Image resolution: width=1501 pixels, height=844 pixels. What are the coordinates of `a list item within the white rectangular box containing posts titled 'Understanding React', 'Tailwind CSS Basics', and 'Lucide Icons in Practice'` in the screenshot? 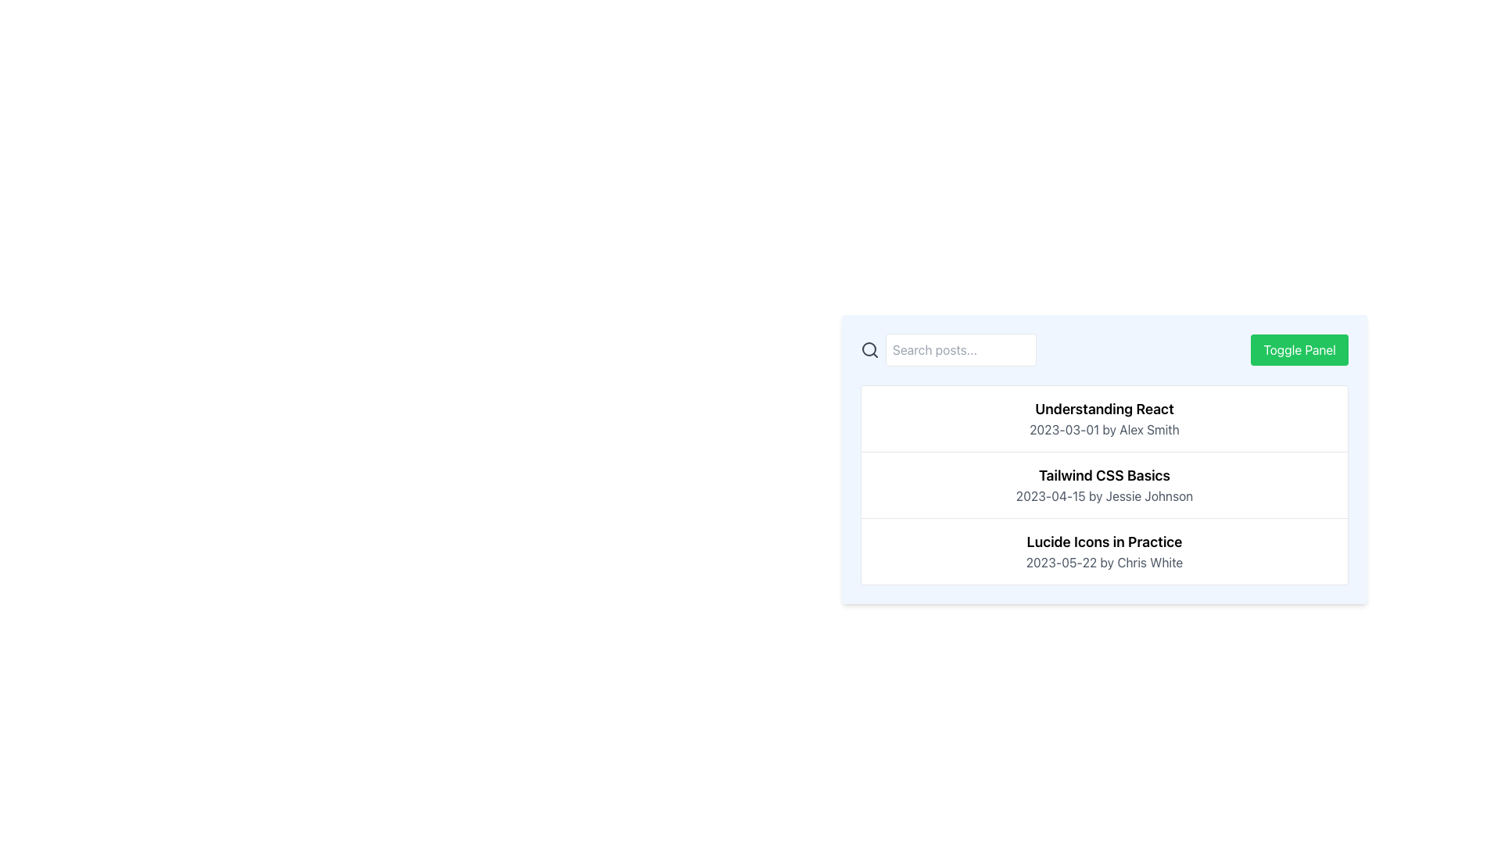 It's located at (1103, 485).